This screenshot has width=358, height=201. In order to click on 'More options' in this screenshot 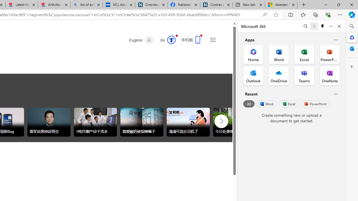, I will do `click(314, 26)`.